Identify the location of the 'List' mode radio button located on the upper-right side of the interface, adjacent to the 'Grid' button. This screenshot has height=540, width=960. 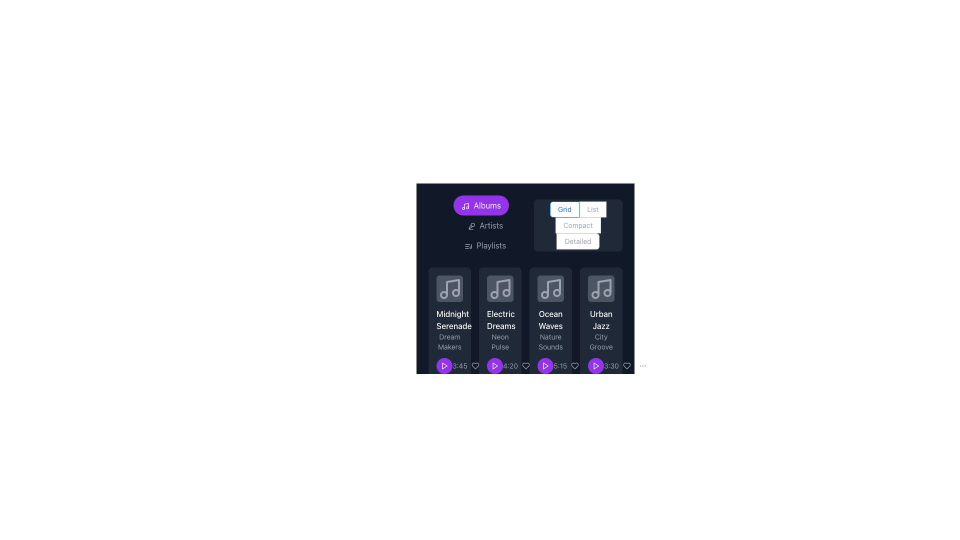
(592, 209).